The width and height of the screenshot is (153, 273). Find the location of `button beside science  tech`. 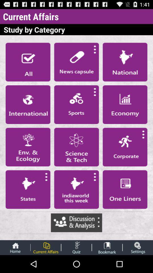

button beside science  tech is located at coordinates (27, 146).